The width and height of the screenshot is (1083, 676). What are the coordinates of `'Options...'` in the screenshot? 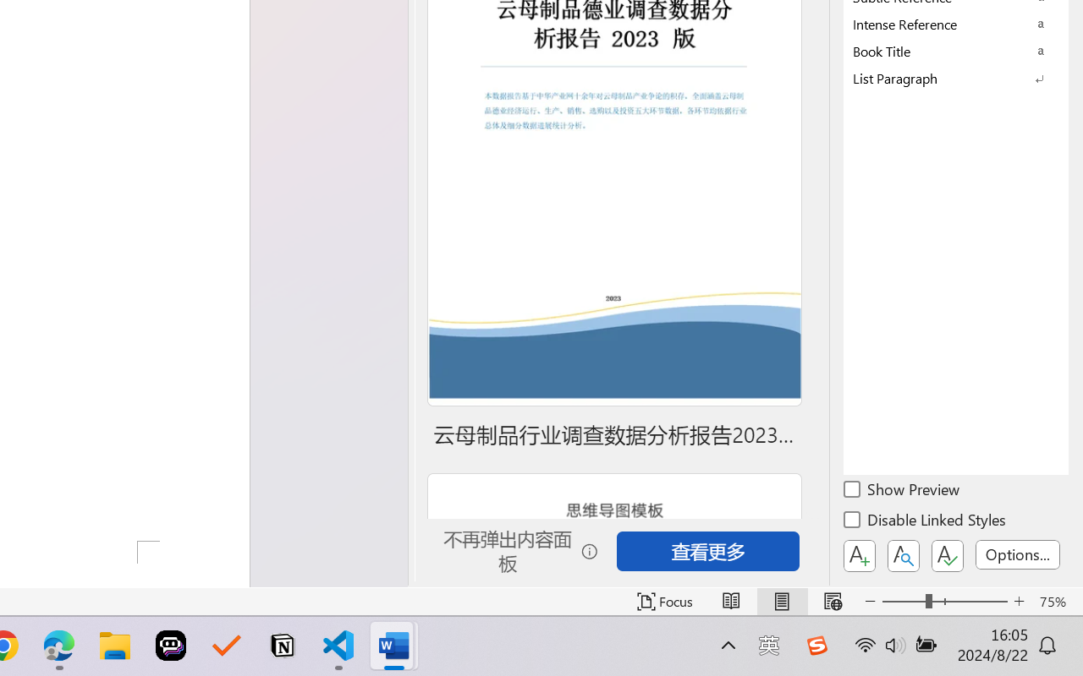 It's located at (1017, 553).